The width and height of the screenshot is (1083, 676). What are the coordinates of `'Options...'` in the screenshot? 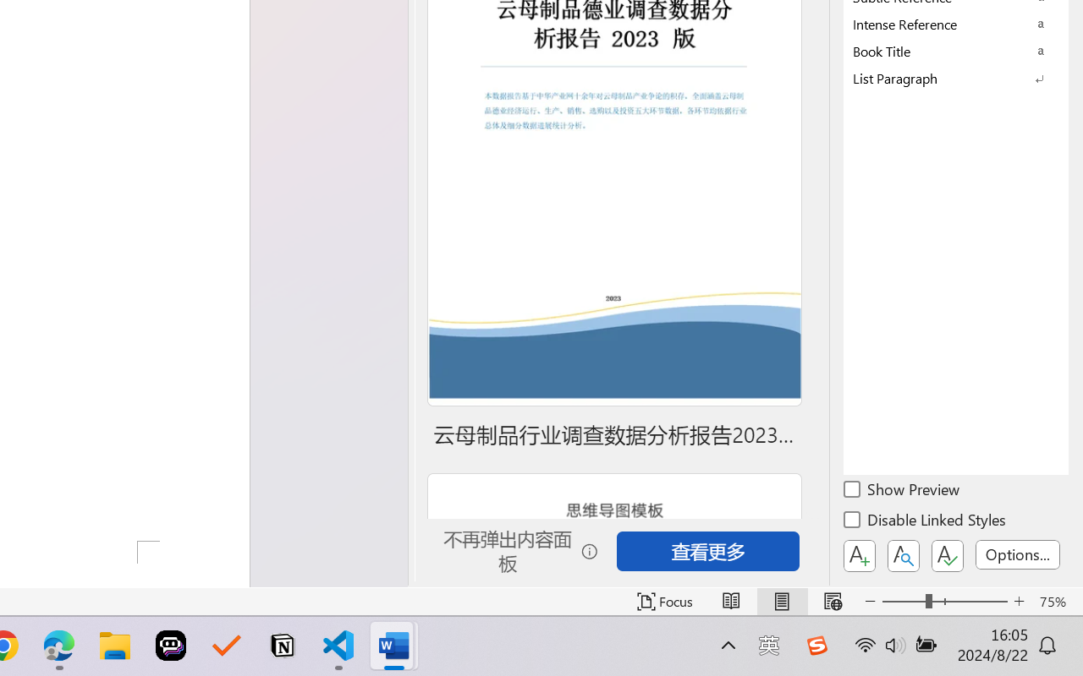 It's located at (1017, 553).